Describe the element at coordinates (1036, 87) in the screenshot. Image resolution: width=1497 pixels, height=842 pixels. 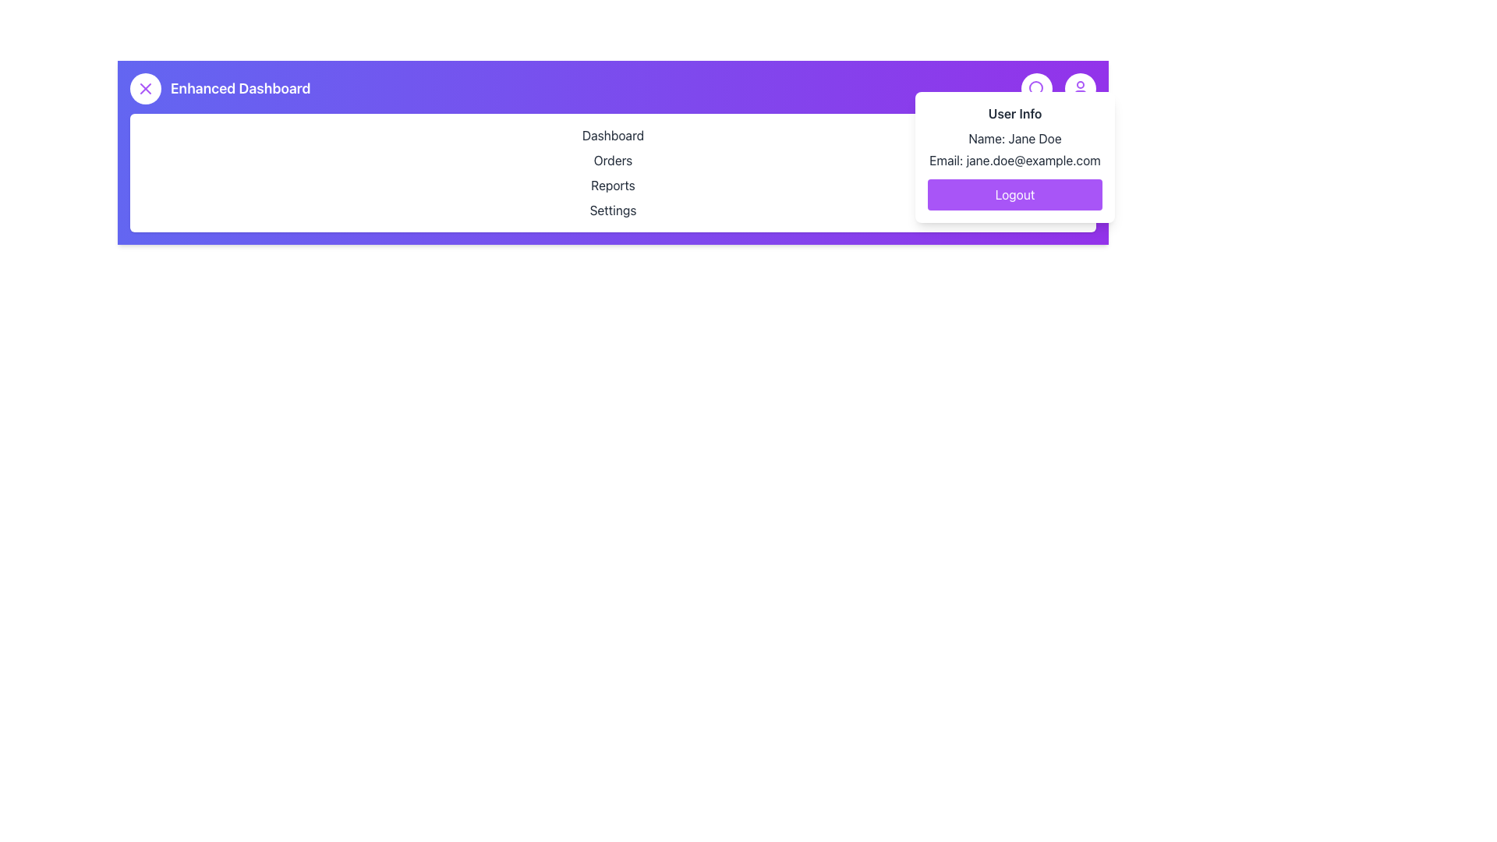
I see `the circular SVG graphical element that resembles a node or marker, located within a magnifying glass icon in the top-right corner of the interface` at that location.